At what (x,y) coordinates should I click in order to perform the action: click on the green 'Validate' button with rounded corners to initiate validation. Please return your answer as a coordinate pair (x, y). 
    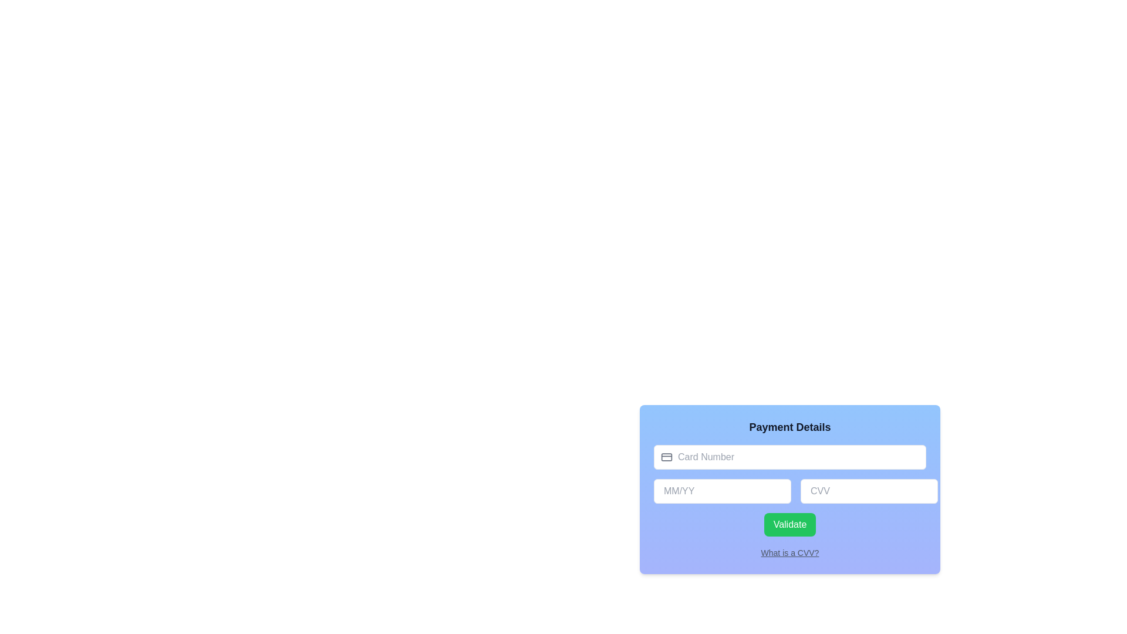
    Looking at the image, I should click on (789, 524).